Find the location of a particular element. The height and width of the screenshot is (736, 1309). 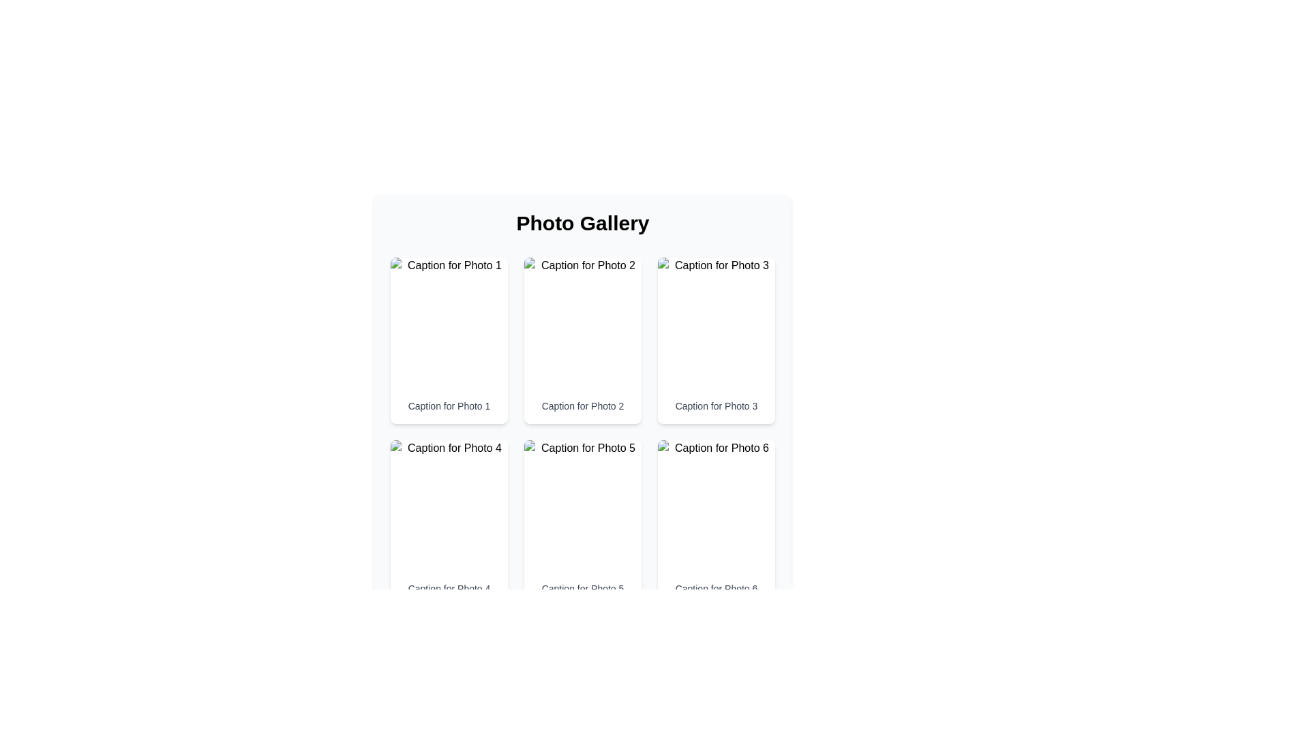

the navigation button located in the bottom-right corner of the interface to enable keyboard navigation for proceeding to the next page in a multi-step process is located at coordinates (742, 641).